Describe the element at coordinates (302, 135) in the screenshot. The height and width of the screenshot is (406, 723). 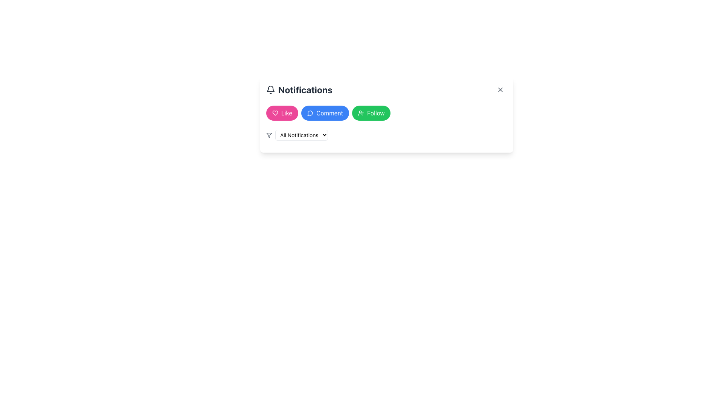
I see `the dropdown menu labeled 'All Notifications'` at that location.